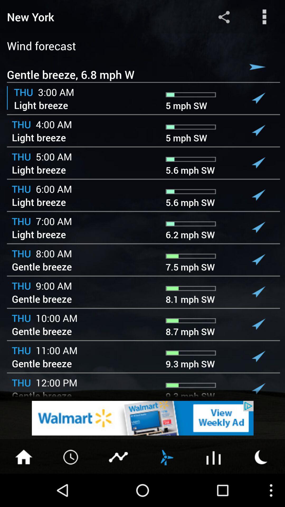  Describe the element at coordinates (71, 456) in the screenshot. I see `time` at that location.